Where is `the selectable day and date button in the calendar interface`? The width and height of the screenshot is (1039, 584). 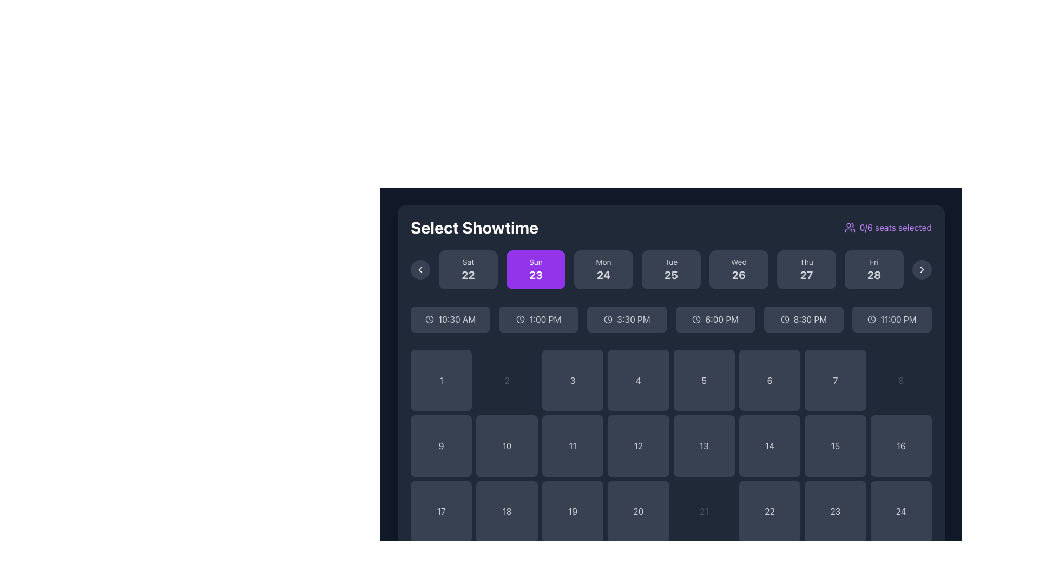
the selectable day and date button in the calendar interface is located at coordinates (468, 269).